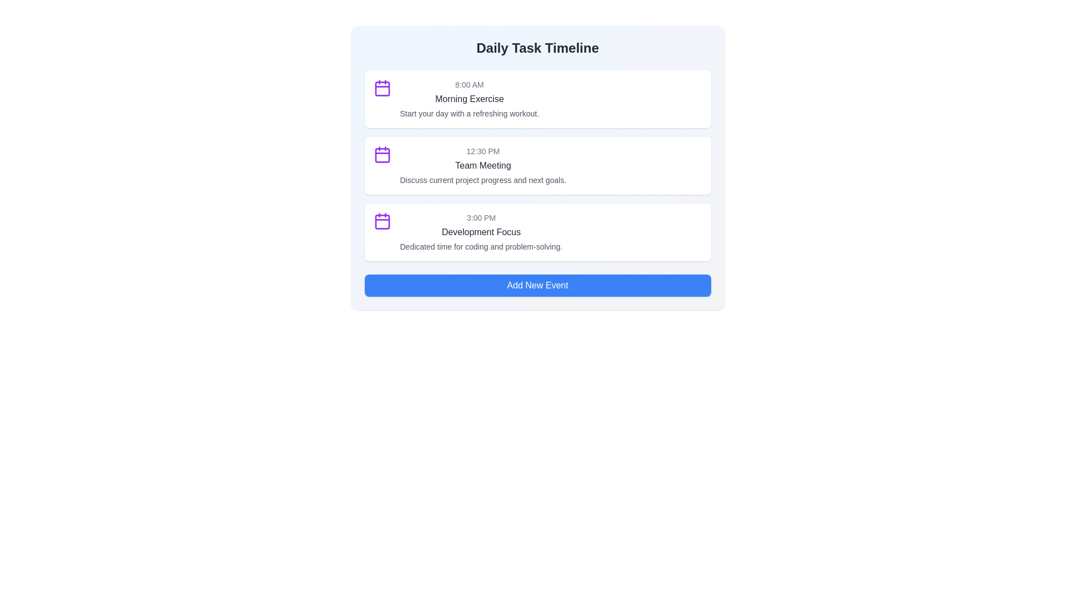 The width and height of the screenshot is (1066, 599). What do you see at coordinates (382, 221) in the screenshot?
I see `the calendar icon located on the left-hand side of the '3:00 PM - Development Focus' event entry in the vertical list` at bounding box center [382, 221].